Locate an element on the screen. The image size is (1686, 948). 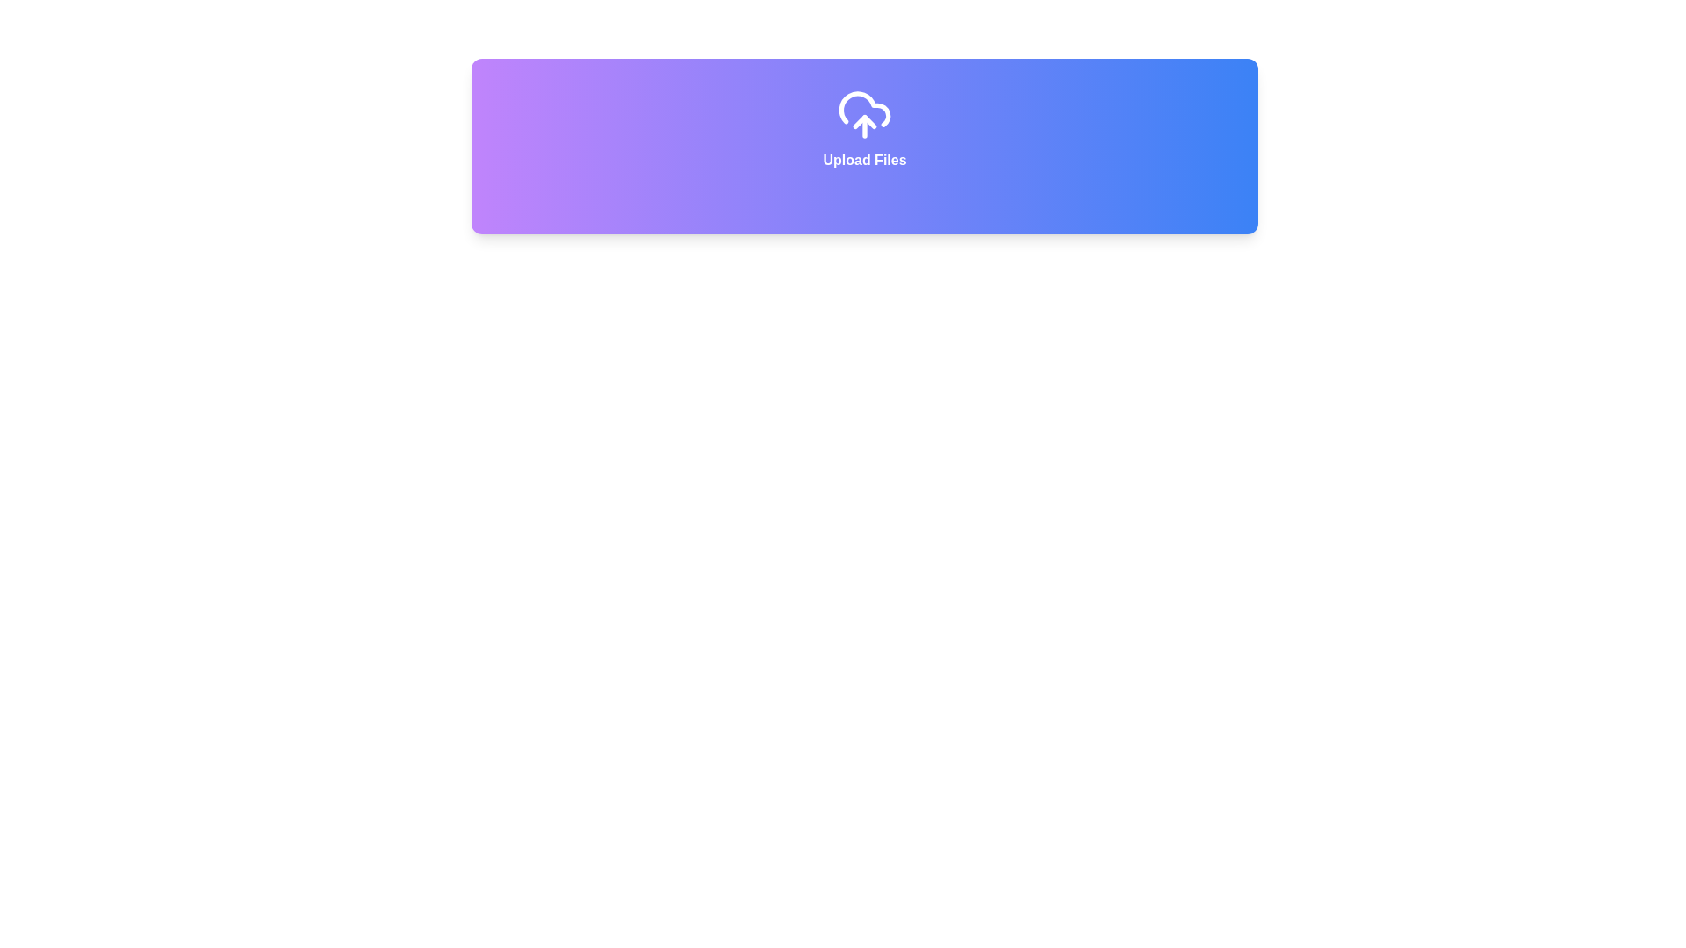
the cloud icon which symbolizes actions related to cloud storage or file uploading, positioned above the 'Upload Files' text label is located at coordinates (864, 109).